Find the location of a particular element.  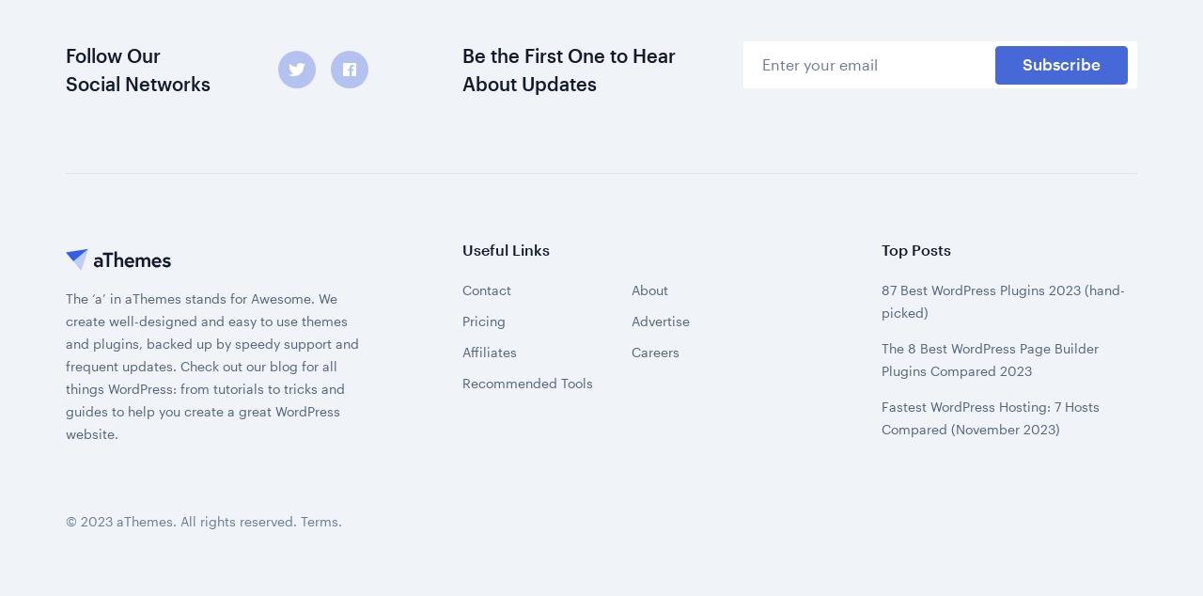

'Advertise' is located at coordinates (659, 85).